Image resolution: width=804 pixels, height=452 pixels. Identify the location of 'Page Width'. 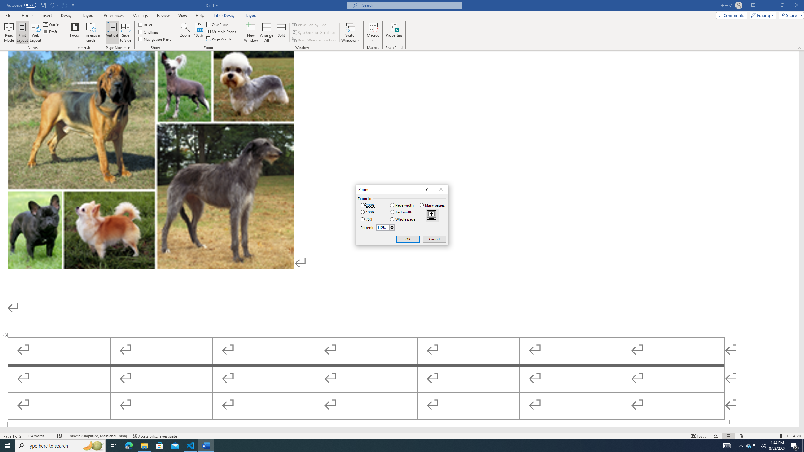
(219, 38).